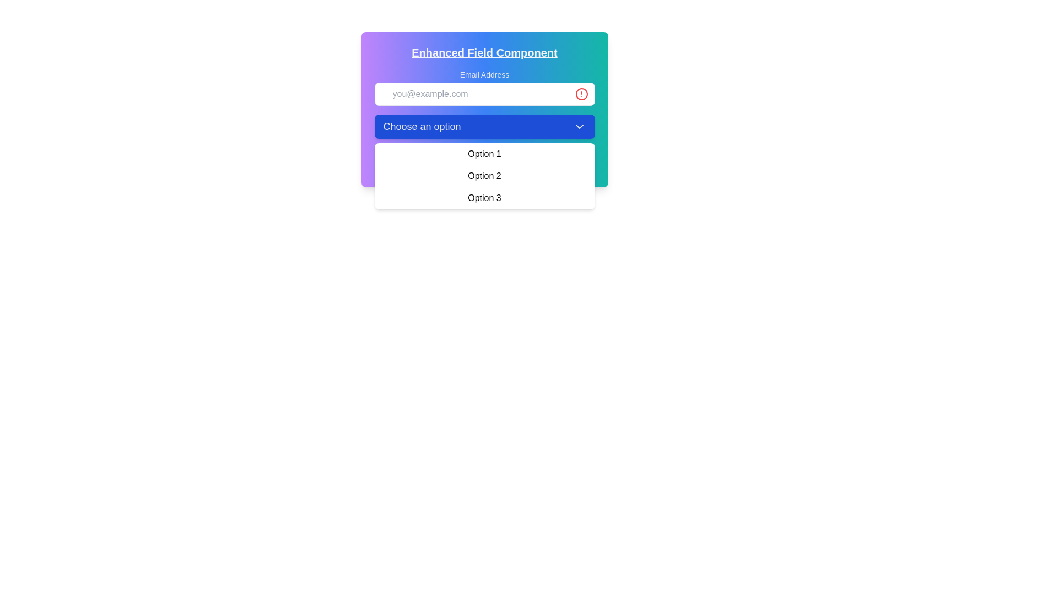  I want to click on the dropdown menu located beneath the 'Choose an option' button, which allows users to select from displayed text options, so click(484, 176).